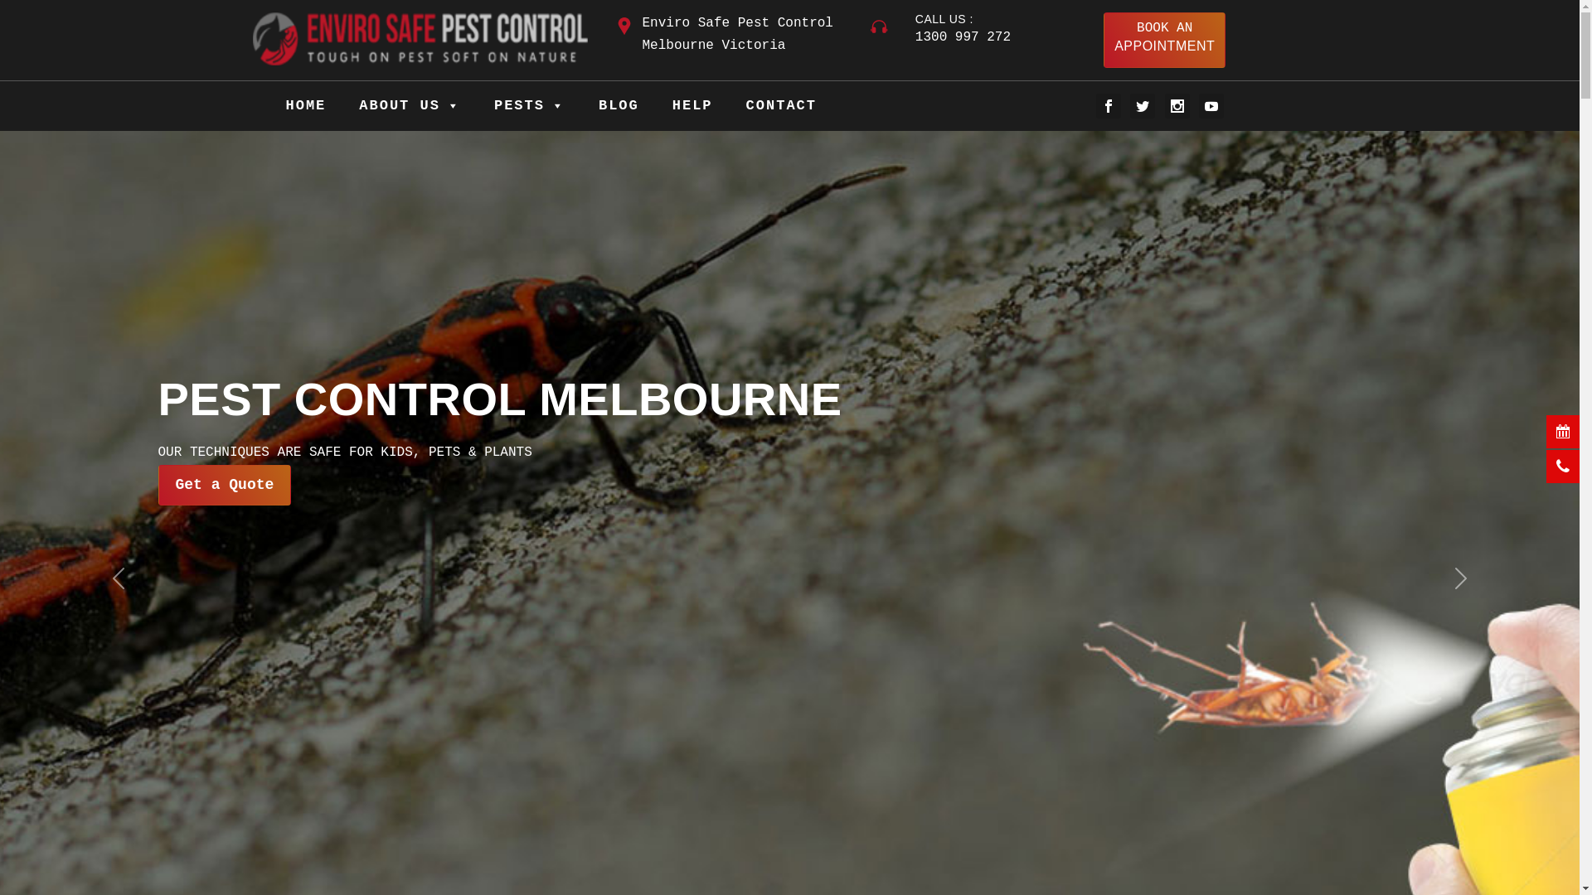  What do you see at coordinates (269, 105) in the screenshot?
I see `'HOME'` at bounding box center [269, 105].